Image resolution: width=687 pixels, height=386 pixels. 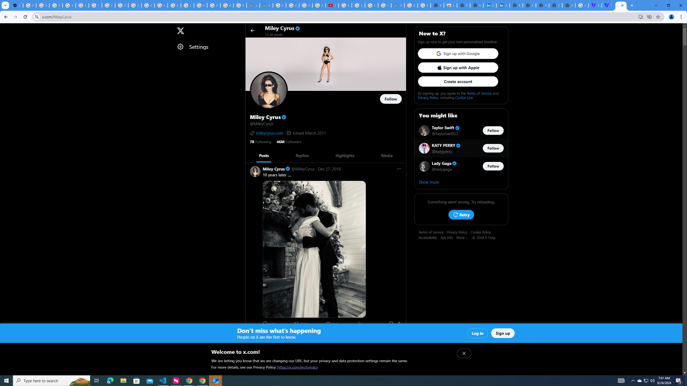 What do you see at coordinates (269, 90) in the screenshot?
I see `'Opens profile photo'` at bounding box center [269, 90].